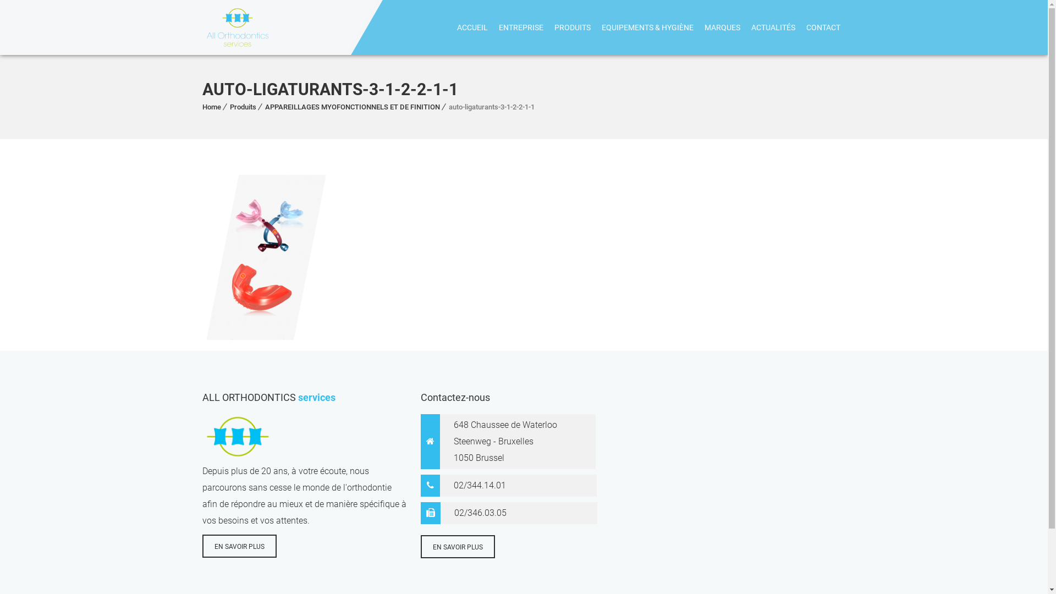  I want to click on 'PRODUITS', so click(572, 27).